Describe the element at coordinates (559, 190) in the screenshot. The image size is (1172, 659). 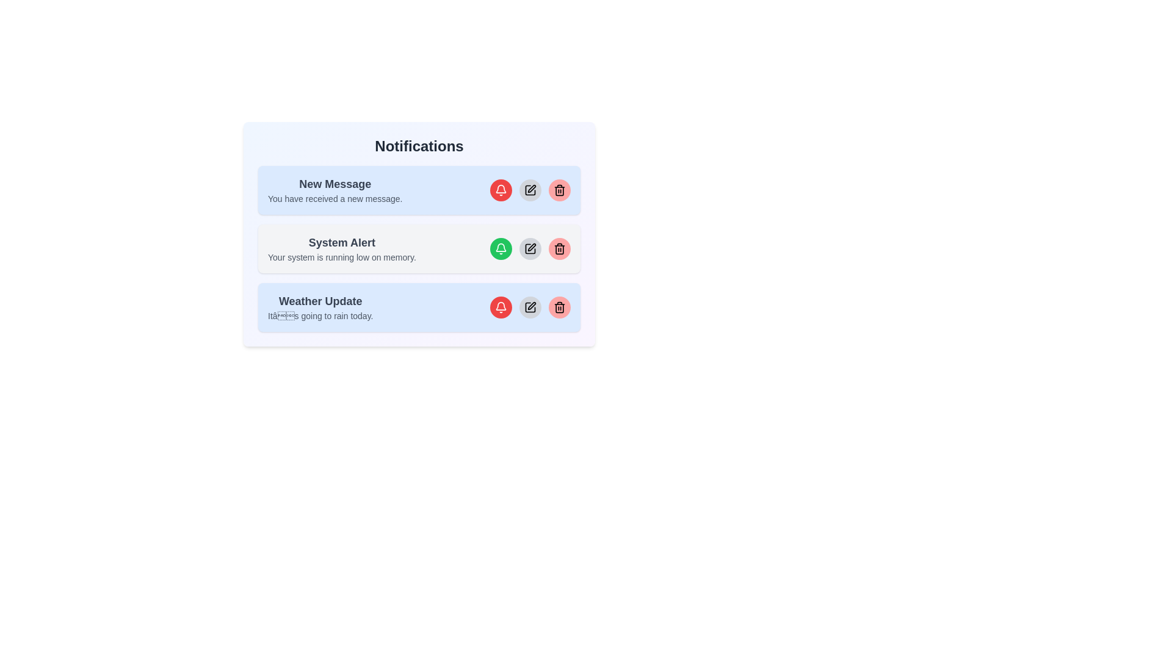
I see `the delete button for the notification with the title New Message` at that location.